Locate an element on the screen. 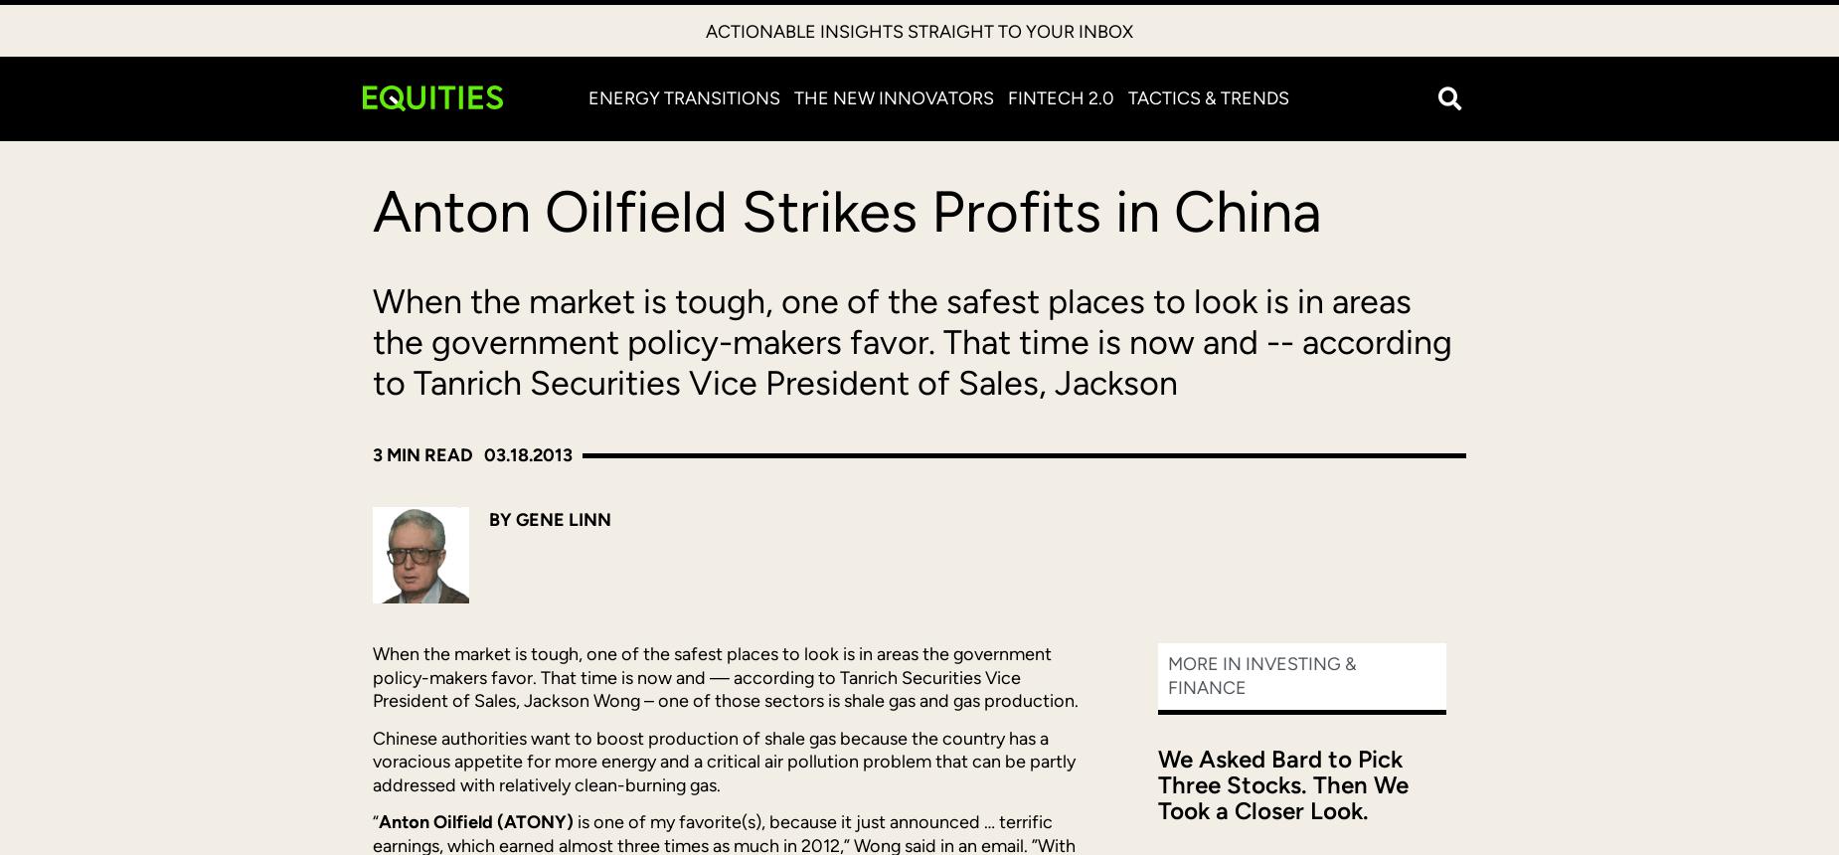  'Actionable insights straight to your inbox' is located at coordinates (919, 31).